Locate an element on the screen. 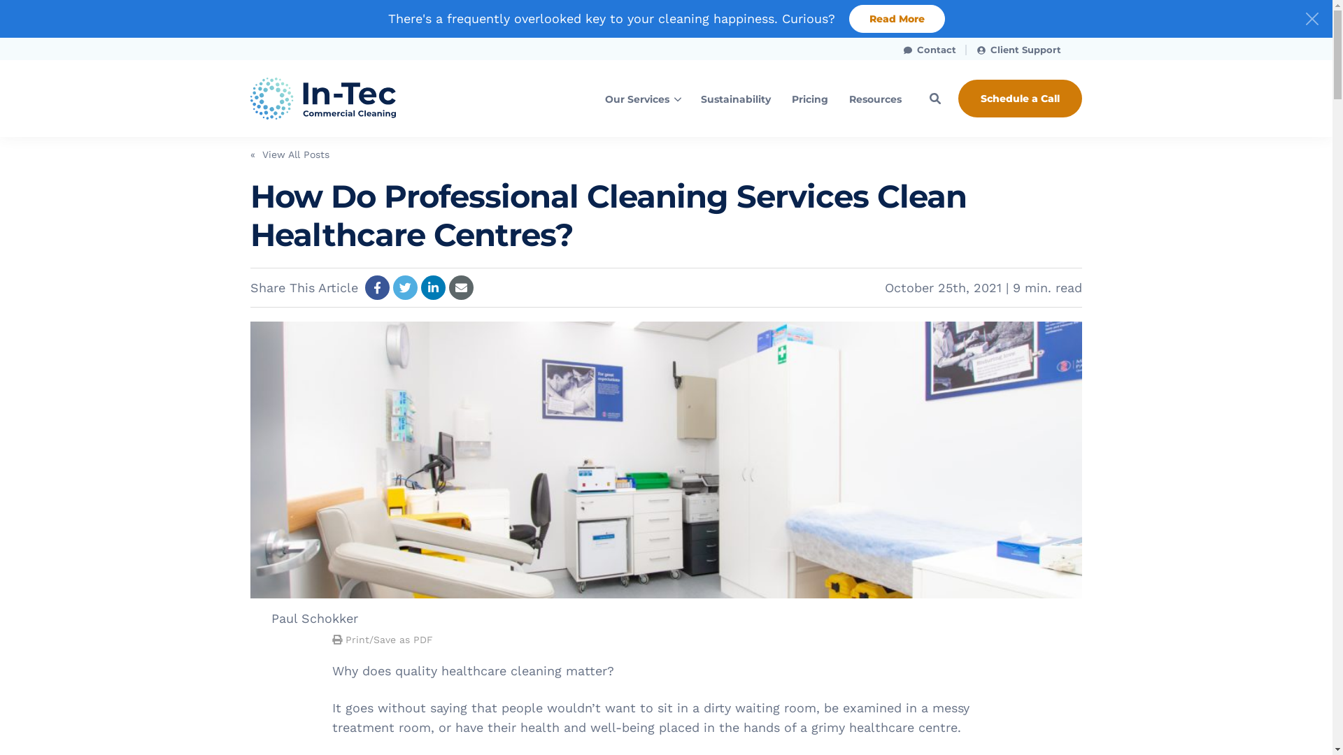 The image size is (1343, 755). 'Resources' is located at coordinates (874, 98).